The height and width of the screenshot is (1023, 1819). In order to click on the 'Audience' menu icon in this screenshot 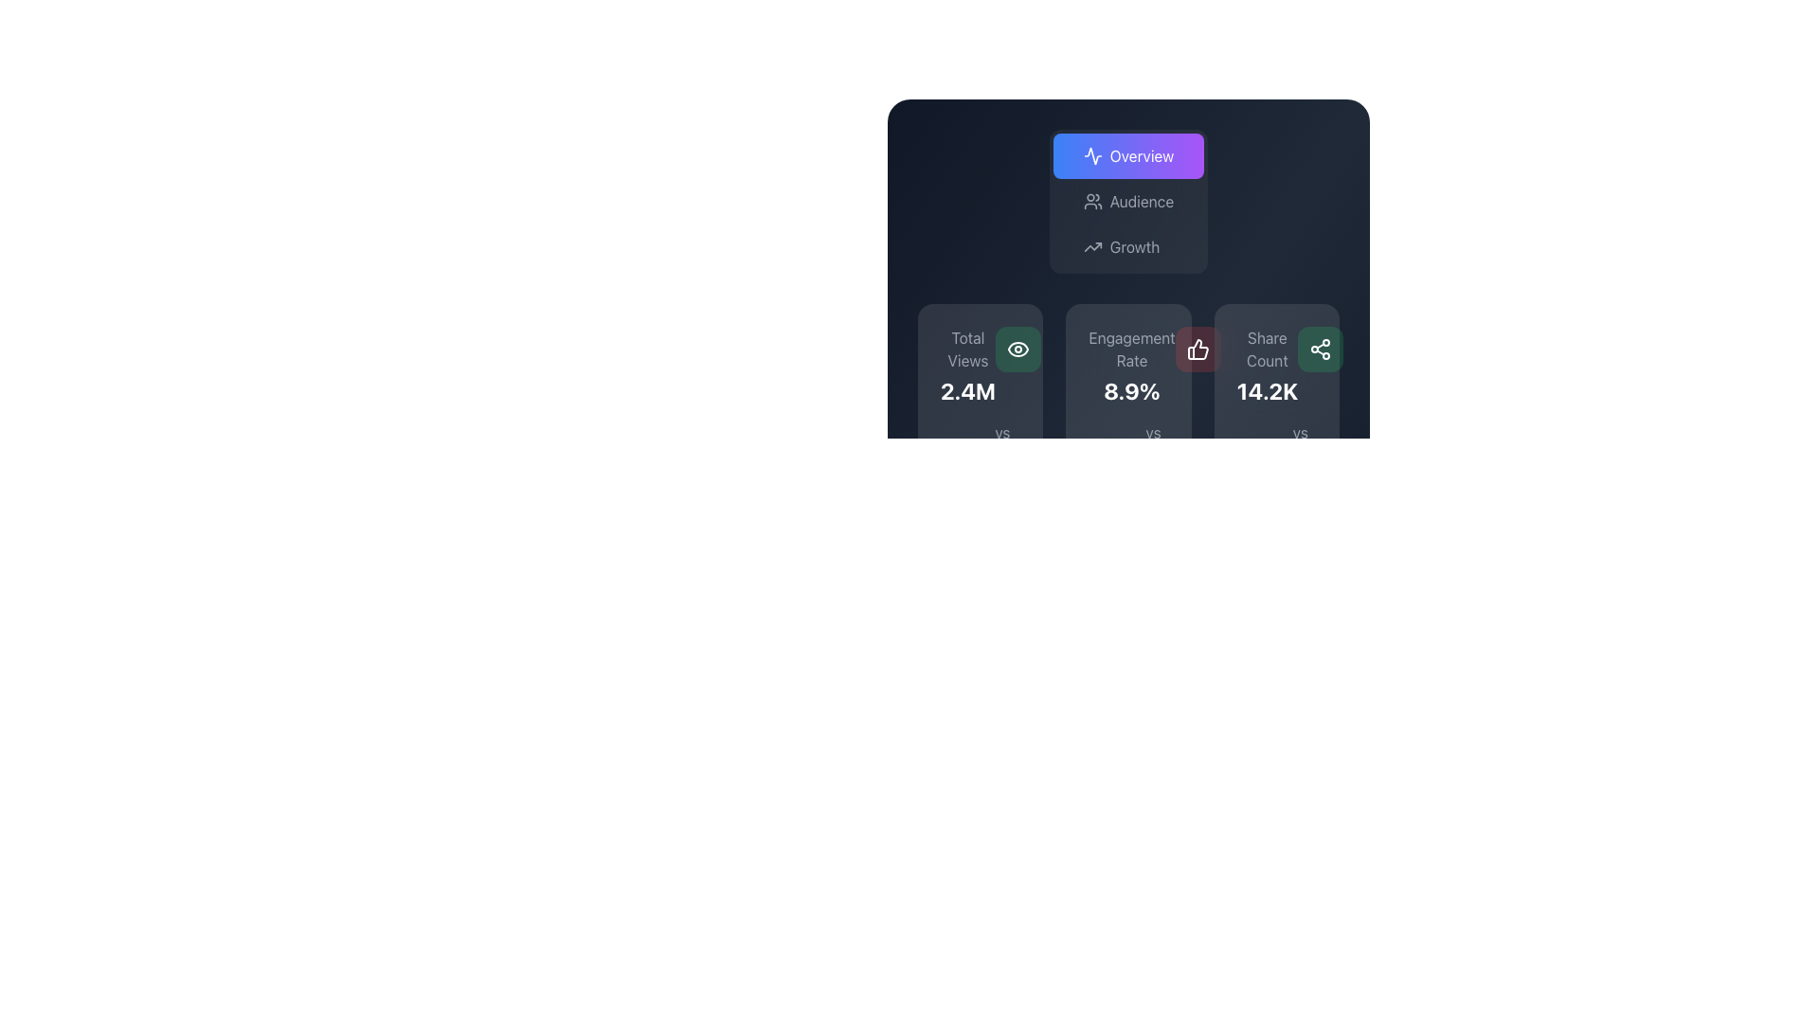, I will do `click(1092, 201)`.